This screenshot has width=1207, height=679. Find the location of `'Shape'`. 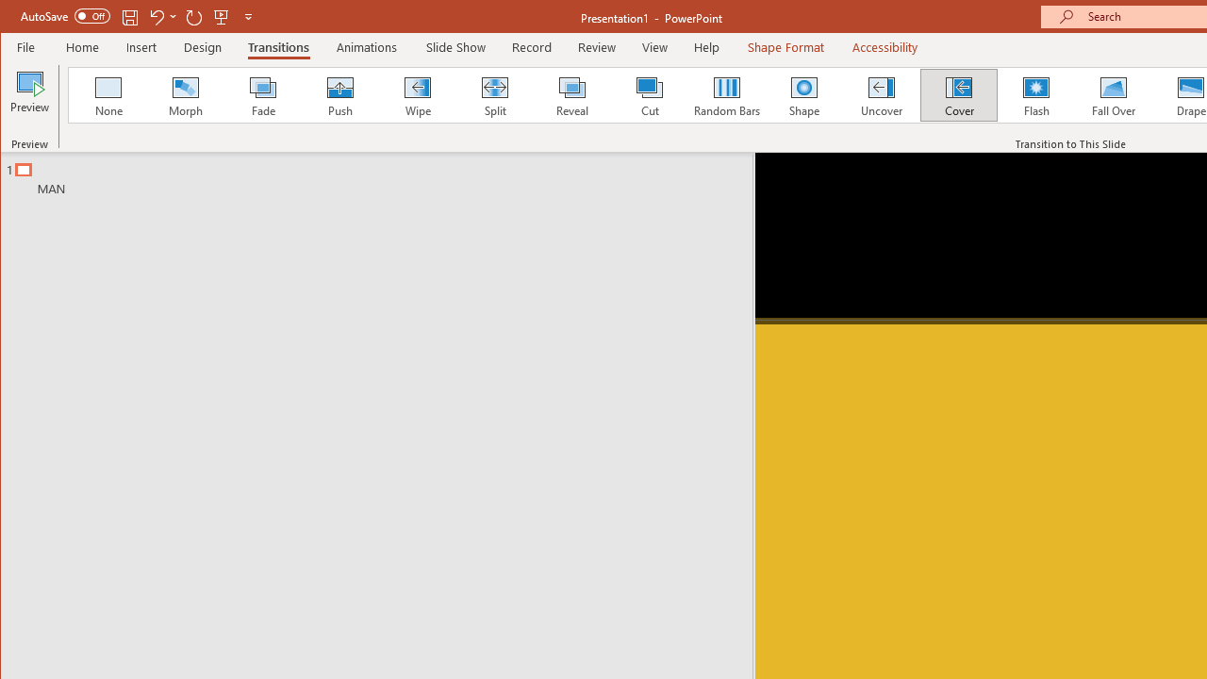

'Shape' is located at coordinates (803, 94).